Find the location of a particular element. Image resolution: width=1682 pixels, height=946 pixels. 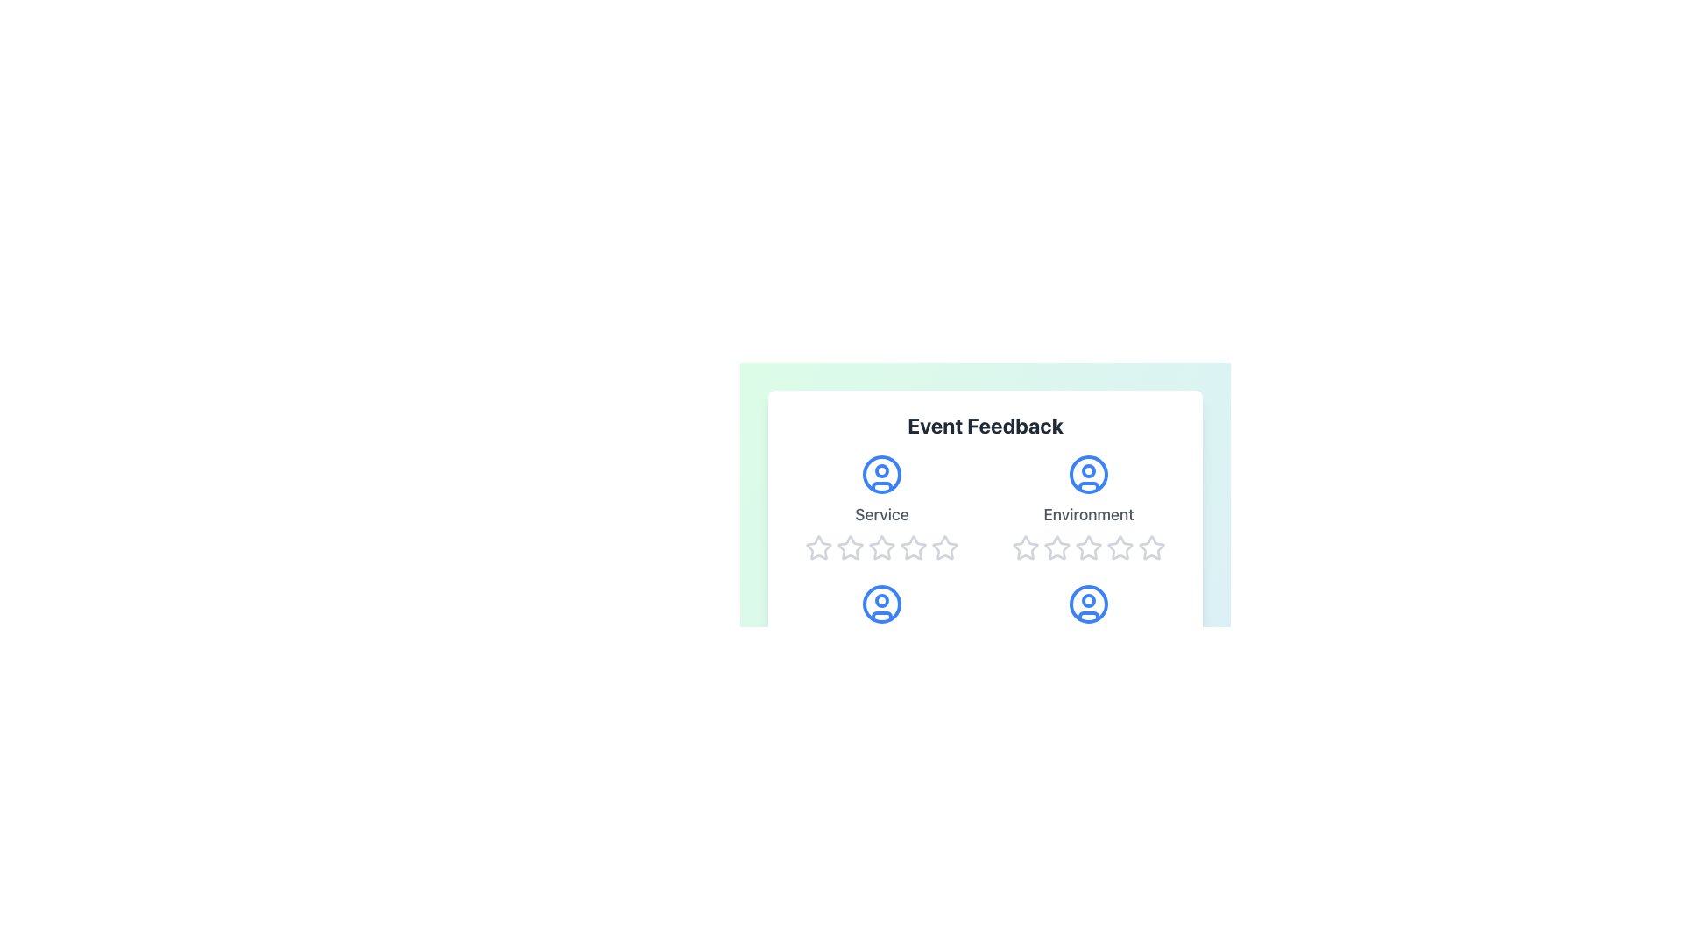

the circular user icon with a blue outline located under the 'Service' label in the user-feedback widget is located at coordinates (882, 475).